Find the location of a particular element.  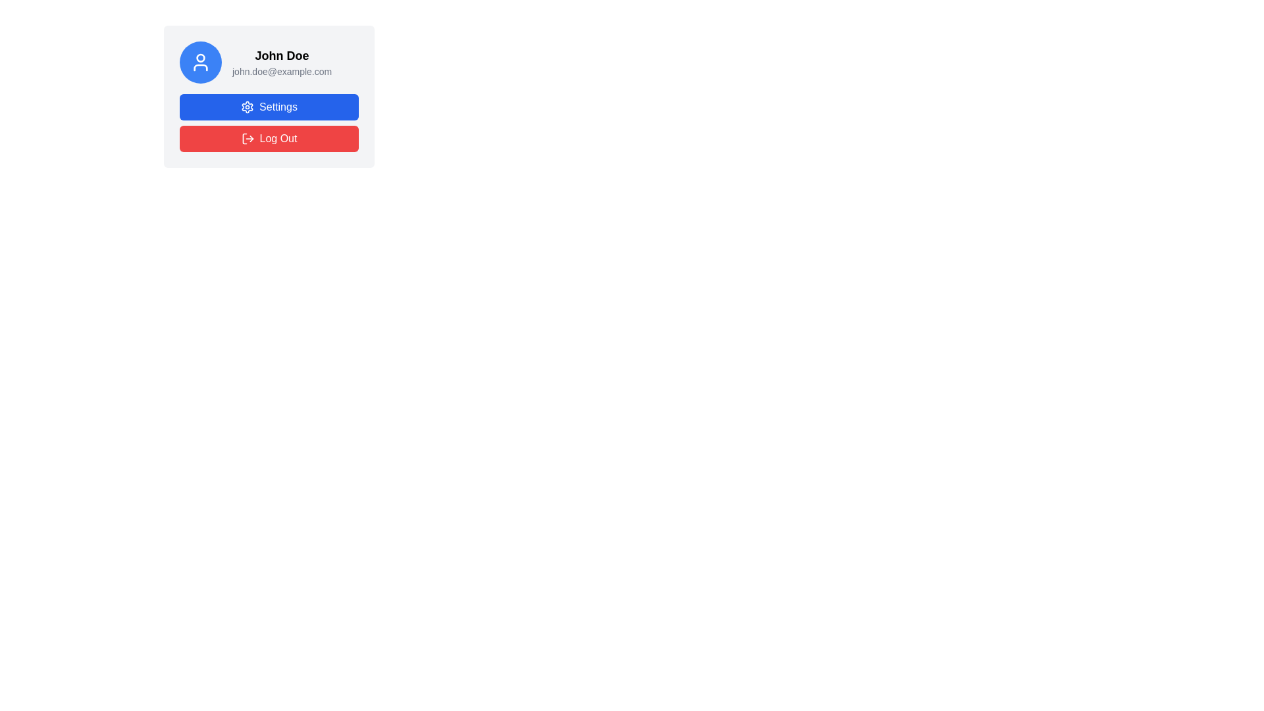

the 'Settings' button, which is a blue rectangular button with white text, located at the top of the interface below the user's name and above the 'Log Out' button is located at coordinates (277, 106).